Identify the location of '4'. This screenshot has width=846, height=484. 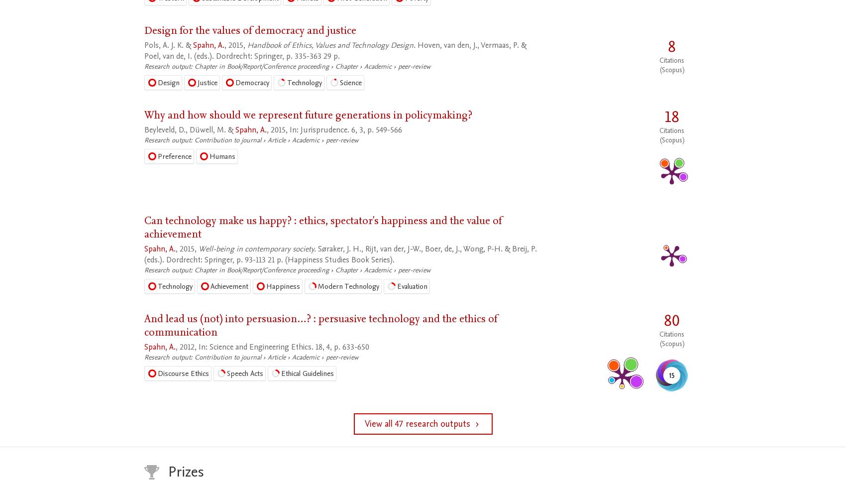
(328, 347).